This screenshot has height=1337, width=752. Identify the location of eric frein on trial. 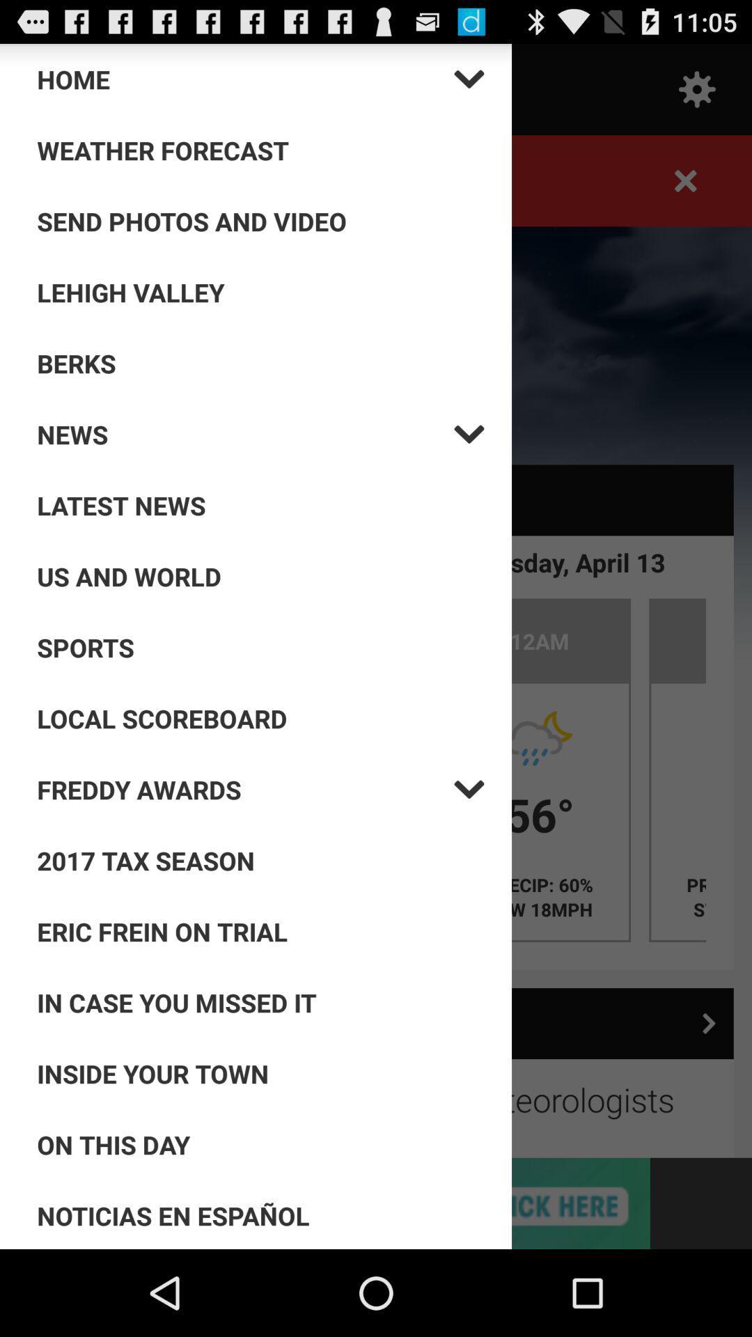
(260, 932).